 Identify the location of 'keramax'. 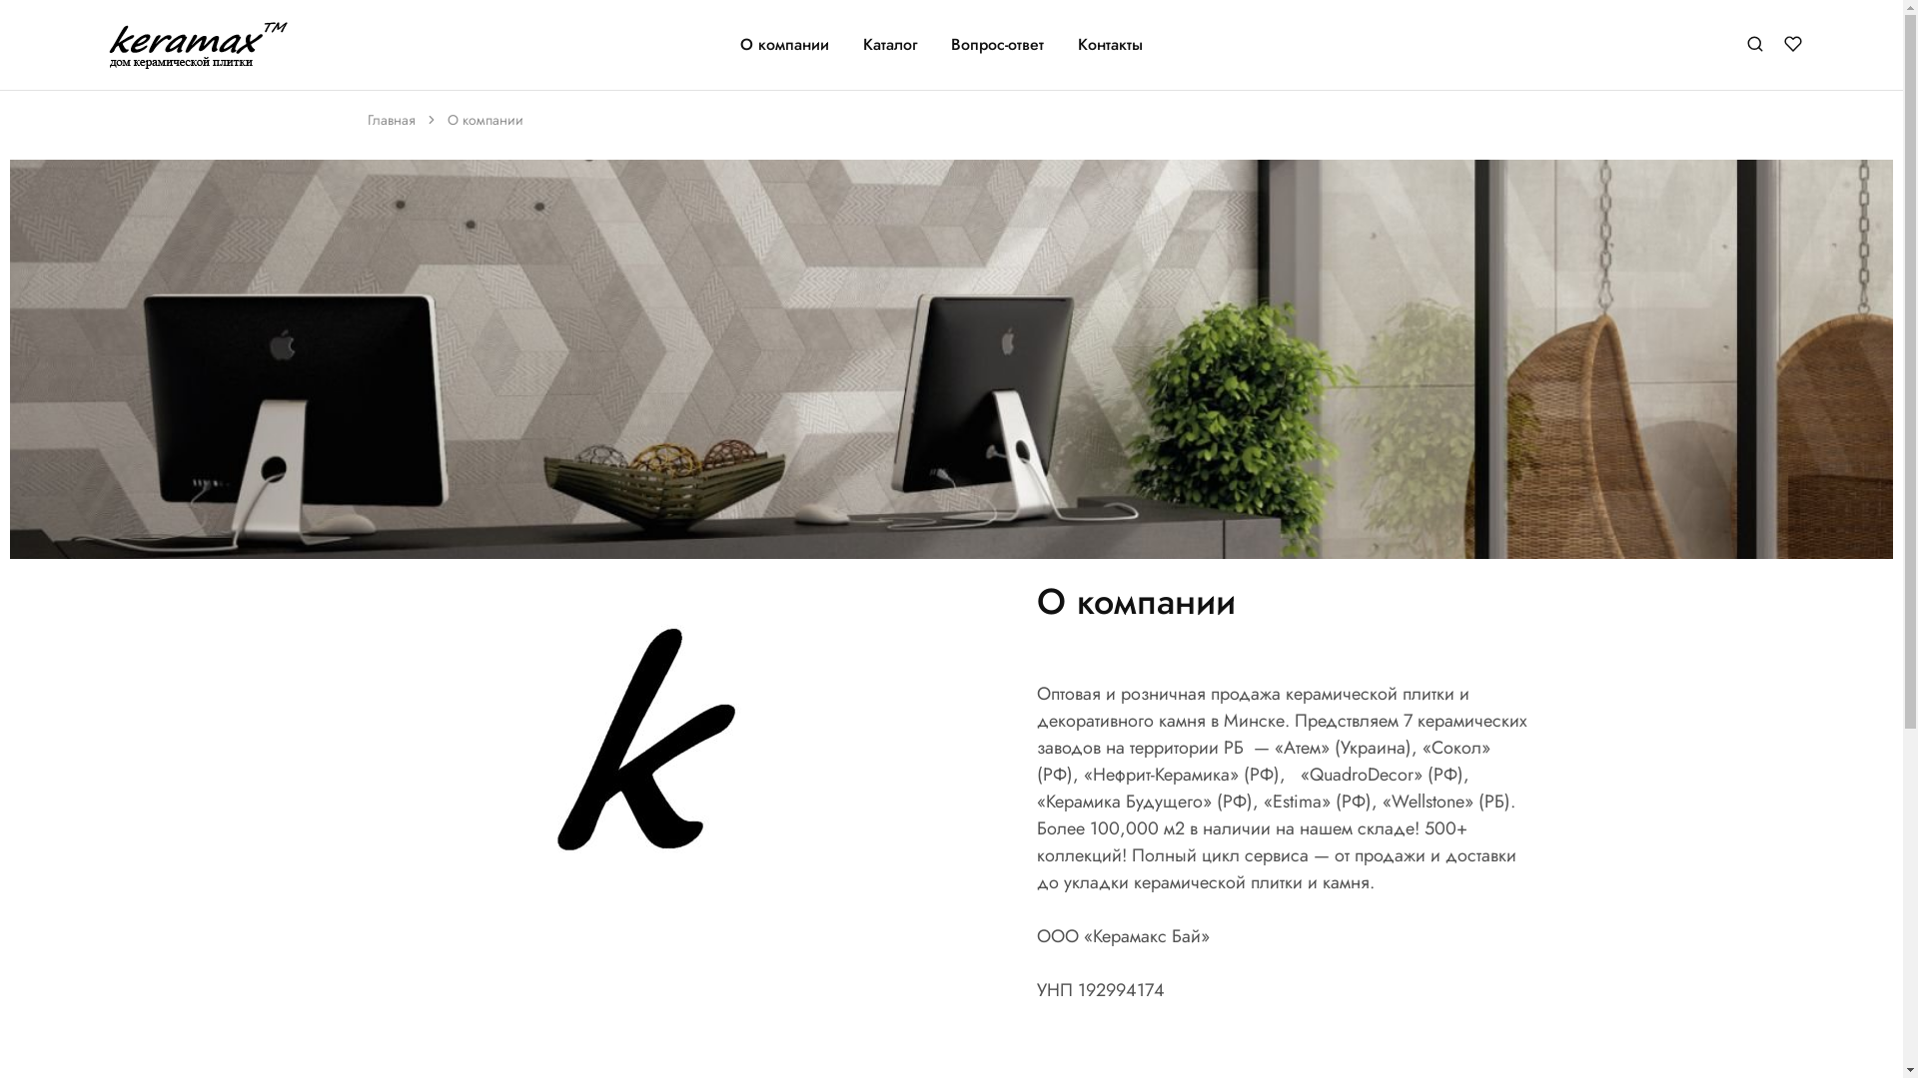
(126, 50).